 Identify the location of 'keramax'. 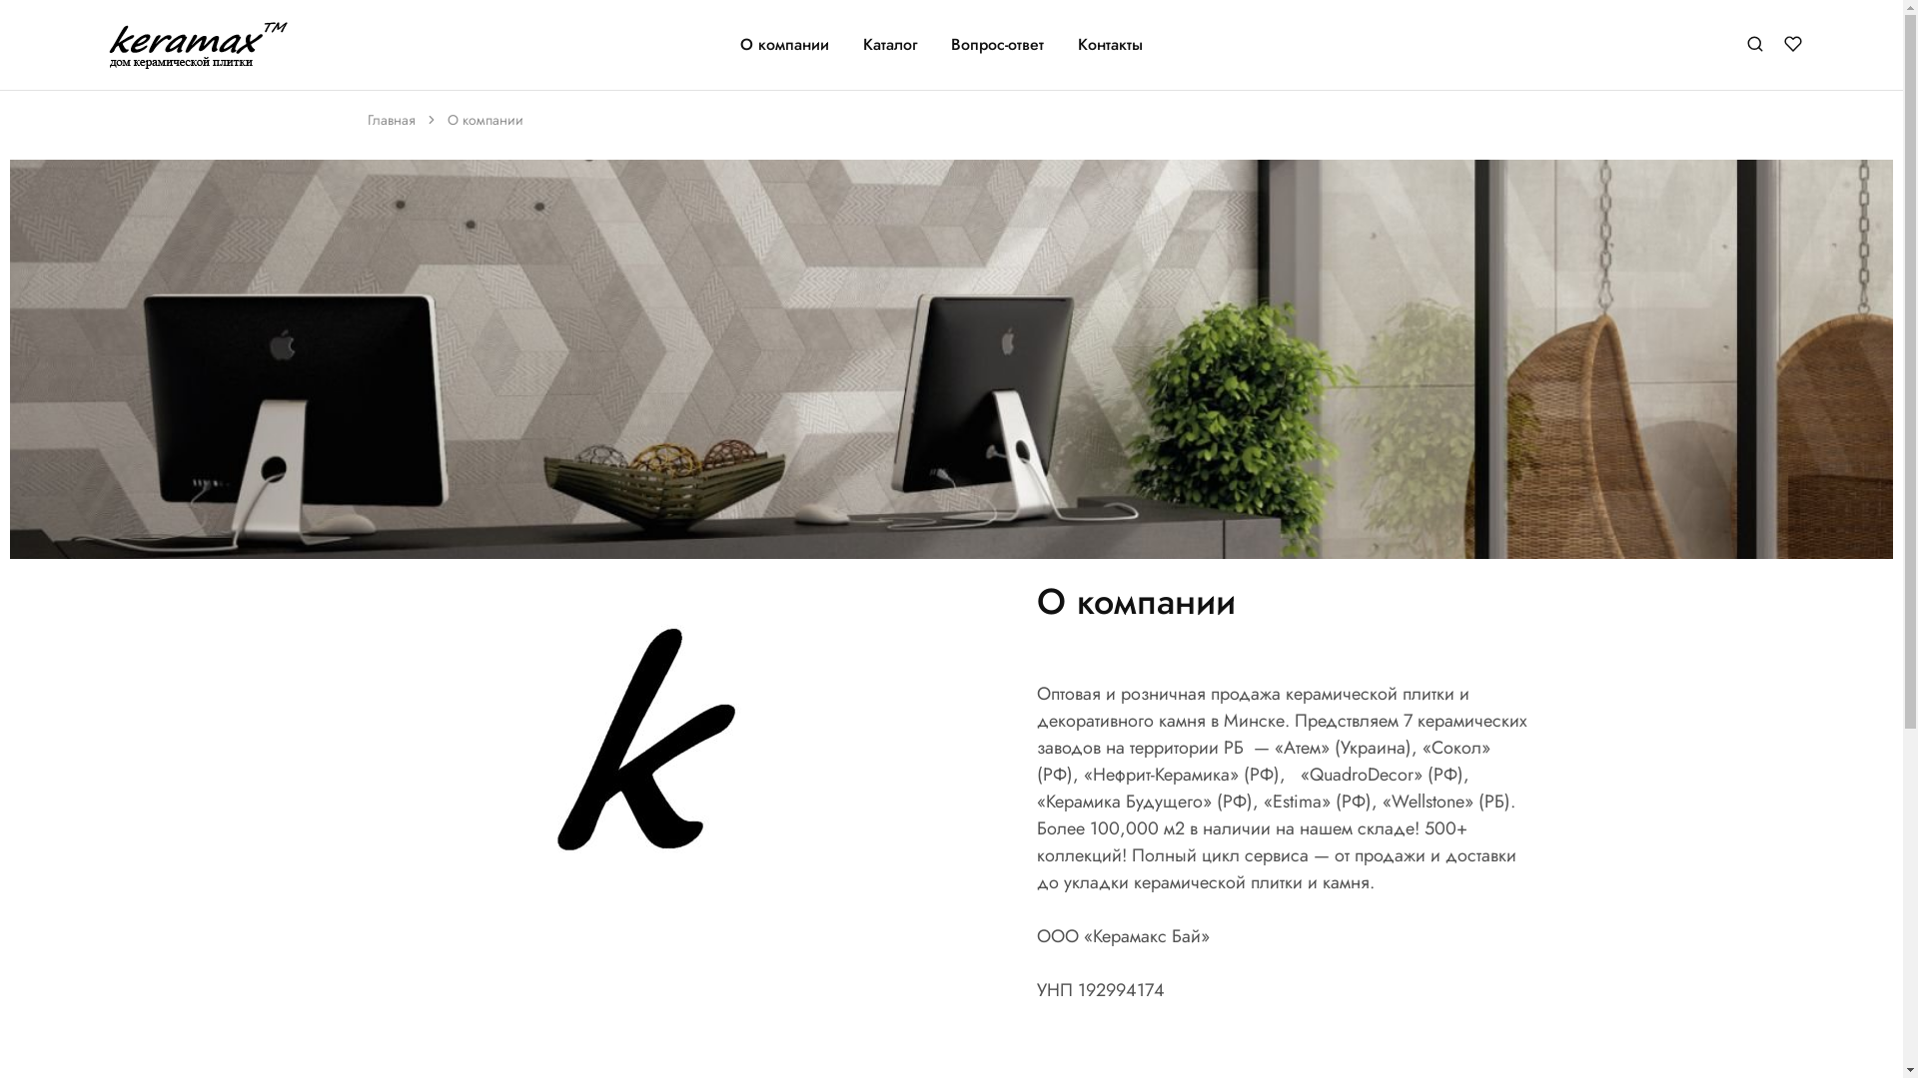
(126, 50).